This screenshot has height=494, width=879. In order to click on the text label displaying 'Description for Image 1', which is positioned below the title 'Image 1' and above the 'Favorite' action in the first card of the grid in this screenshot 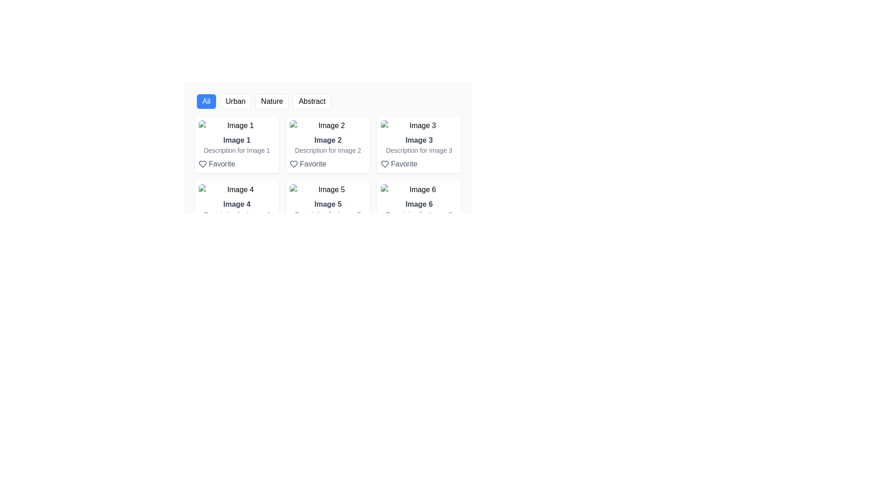, I will do `click(237, 150)`.